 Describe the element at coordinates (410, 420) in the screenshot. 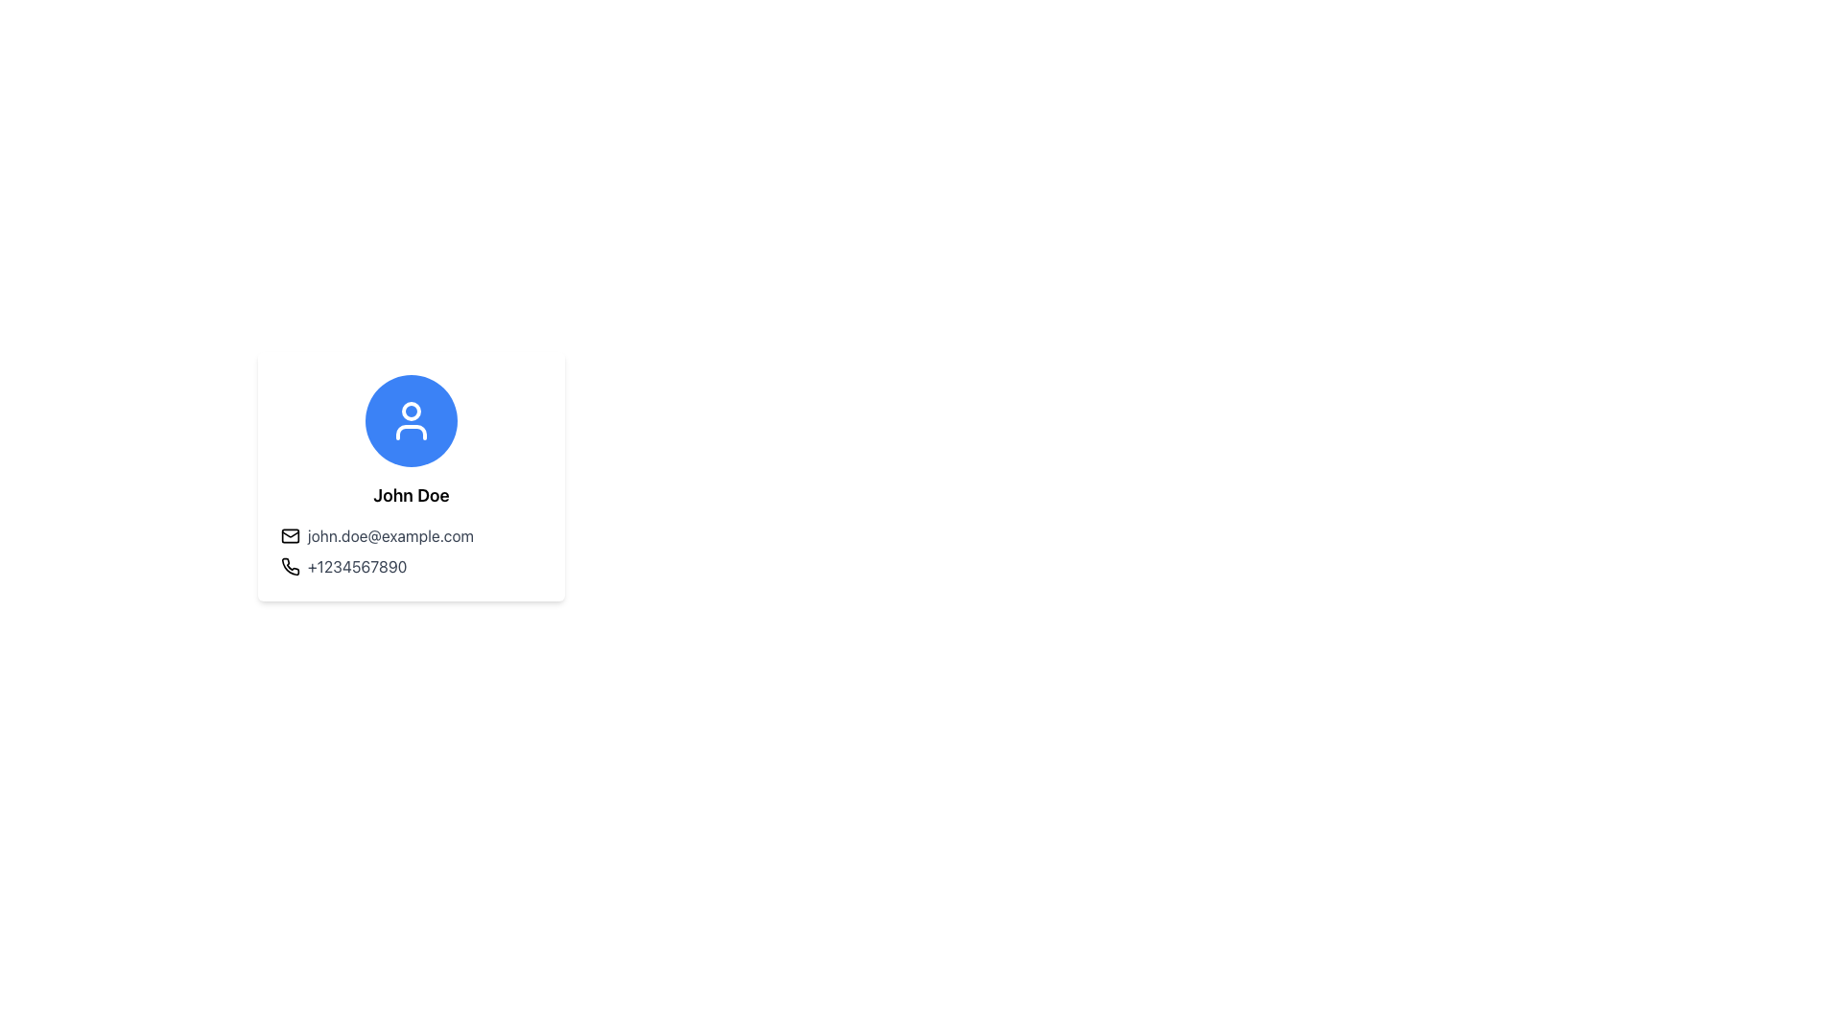

I see `the circular avatar icon with a blue background and white user profile symbol` at that location.